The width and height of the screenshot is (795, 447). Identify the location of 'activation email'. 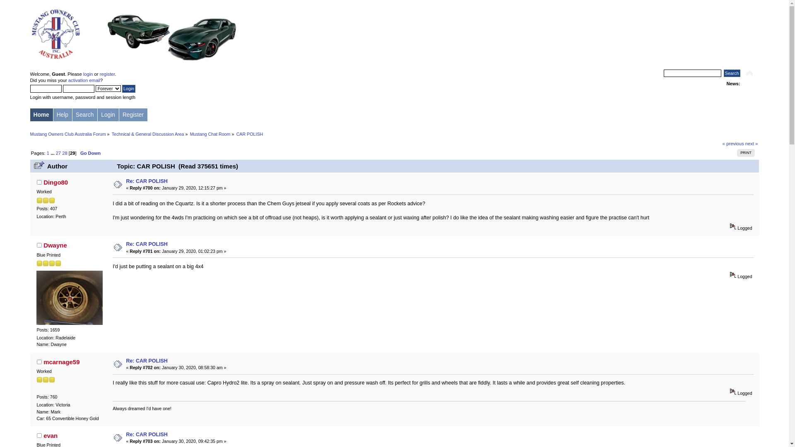
(68, 80).